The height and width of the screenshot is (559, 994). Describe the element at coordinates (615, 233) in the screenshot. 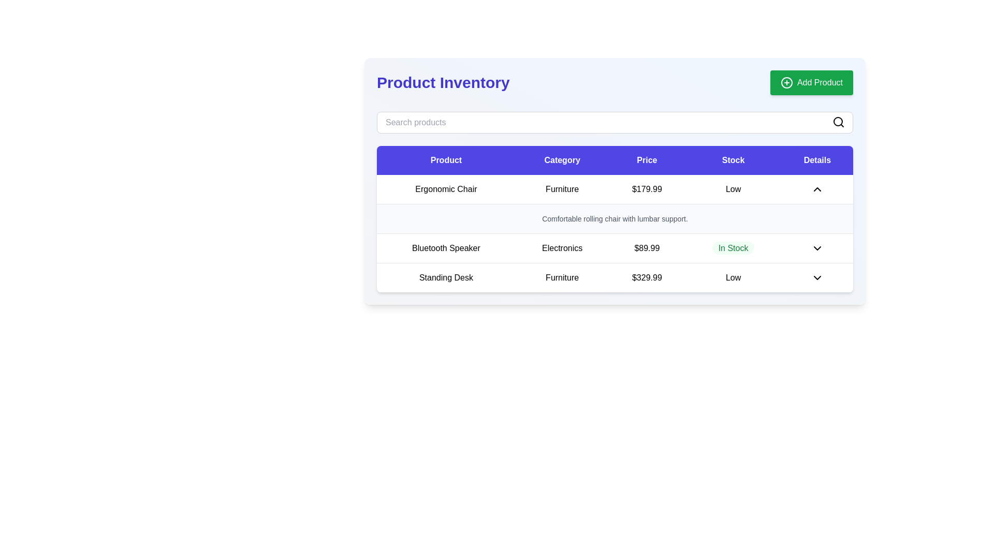

I see `to select the second row in the product details table, which displays attributes such as name, category, price, and stock status` at that location.